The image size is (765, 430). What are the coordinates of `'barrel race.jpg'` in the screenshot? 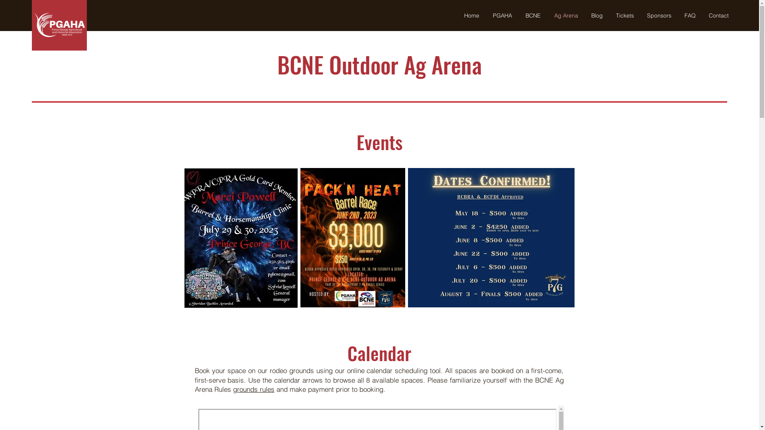 It's located at (240, 237).